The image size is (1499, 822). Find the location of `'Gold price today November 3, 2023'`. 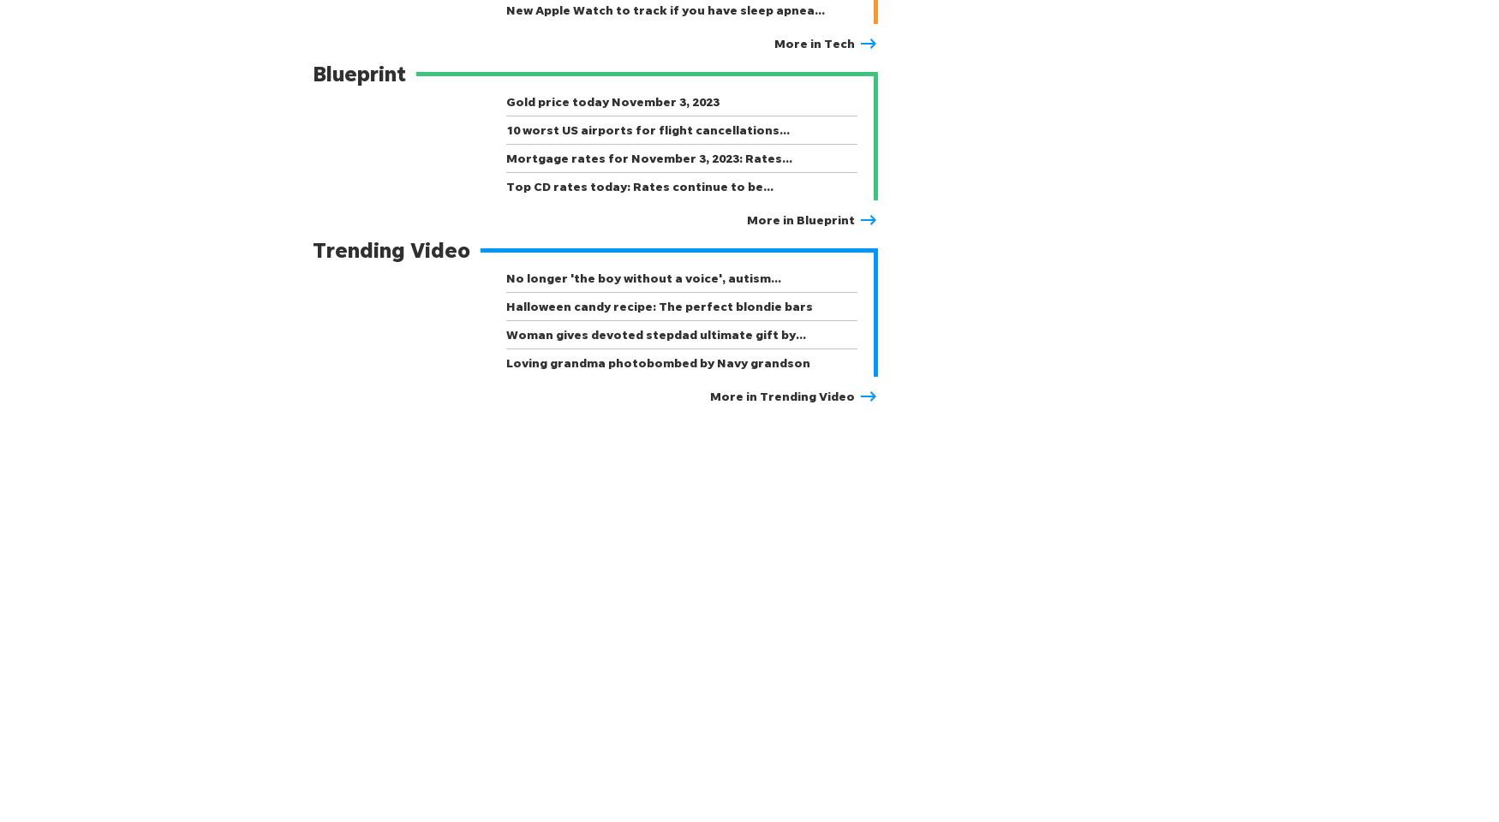

'Gold price today November 3, 2023' is located at coordinates (612, 101).